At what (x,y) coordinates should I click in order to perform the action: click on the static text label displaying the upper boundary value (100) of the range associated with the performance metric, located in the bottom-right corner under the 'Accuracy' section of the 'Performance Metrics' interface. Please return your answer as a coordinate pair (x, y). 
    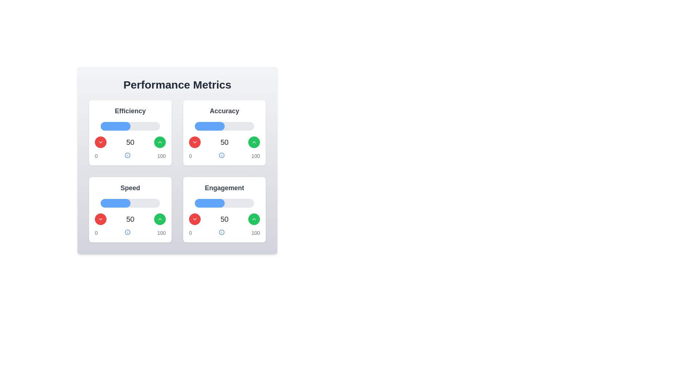
    Looking at the image, I should click on (256, 155).